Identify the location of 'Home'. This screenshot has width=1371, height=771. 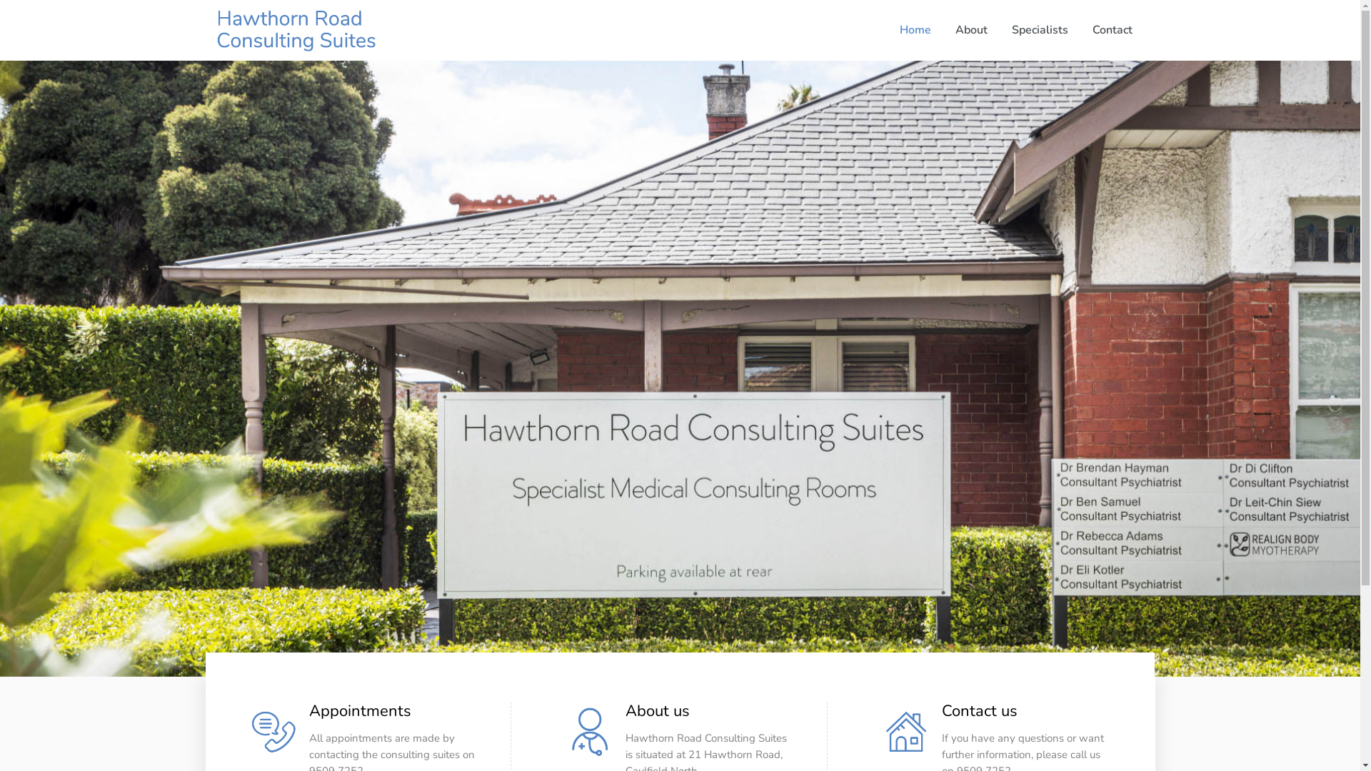
(886, 30).